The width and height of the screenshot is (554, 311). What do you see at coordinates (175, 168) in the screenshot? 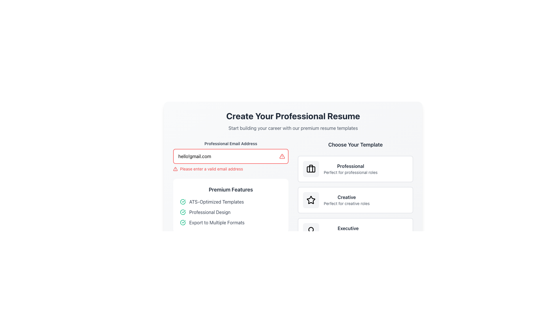
I see `the small triangular warning icon styled using the 'lucide' icon framework that indicates an error, located next to the warning message 'Please enter a valid email address.'` at bounding box center [175, 168].